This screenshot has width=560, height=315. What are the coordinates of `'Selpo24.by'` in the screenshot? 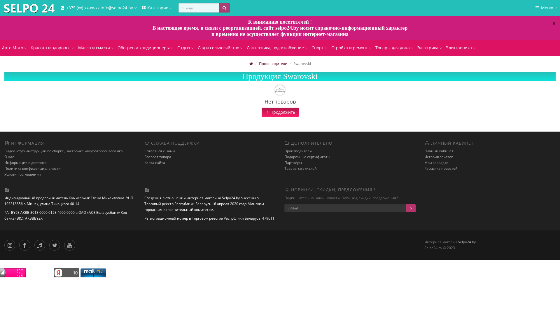 It's located at (467, 242).